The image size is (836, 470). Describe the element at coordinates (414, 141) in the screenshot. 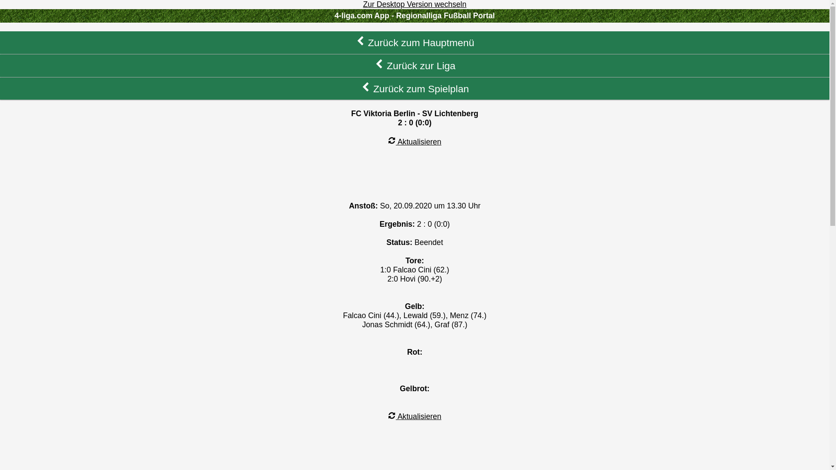

I see `'Aktualisieren'` at that location.